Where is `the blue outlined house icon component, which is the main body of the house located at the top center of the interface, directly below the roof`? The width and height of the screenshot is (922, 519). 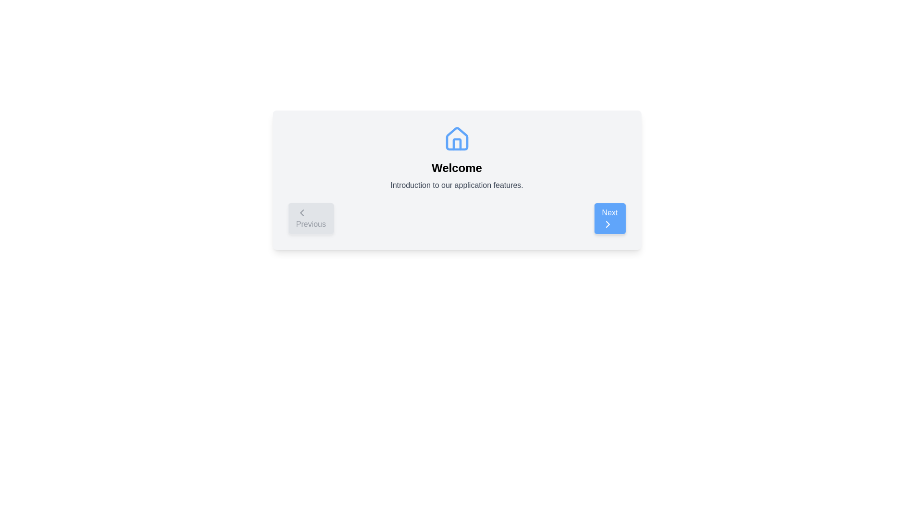 the blue outlined house icon component, which is the main body of the house located at the top center of the interface, directly below the roof is located at coordinates (456, 138).